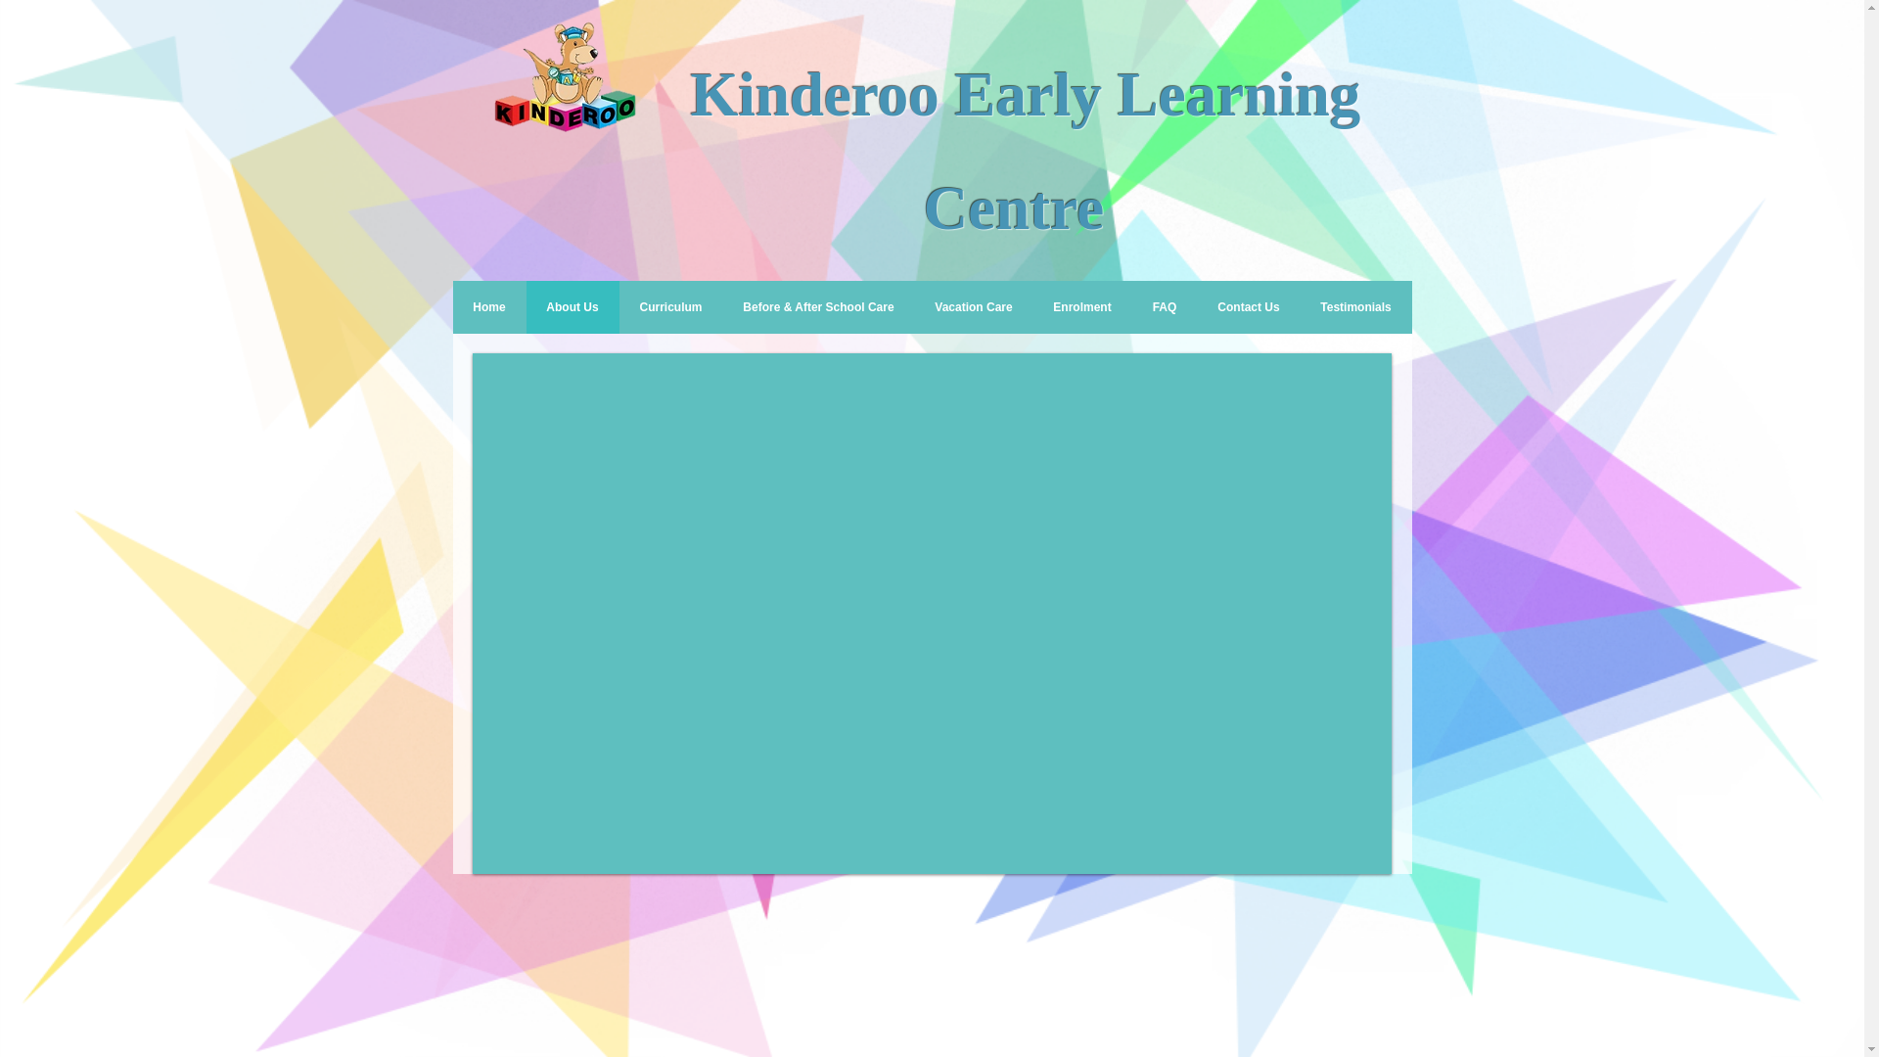  I want to click on 'Before & After School Care', so click(817, 306).